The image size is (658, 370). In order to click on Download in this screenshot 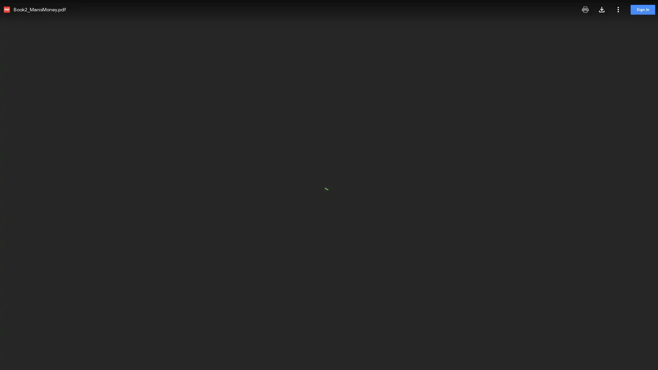, I will do `click(601, 9)`.